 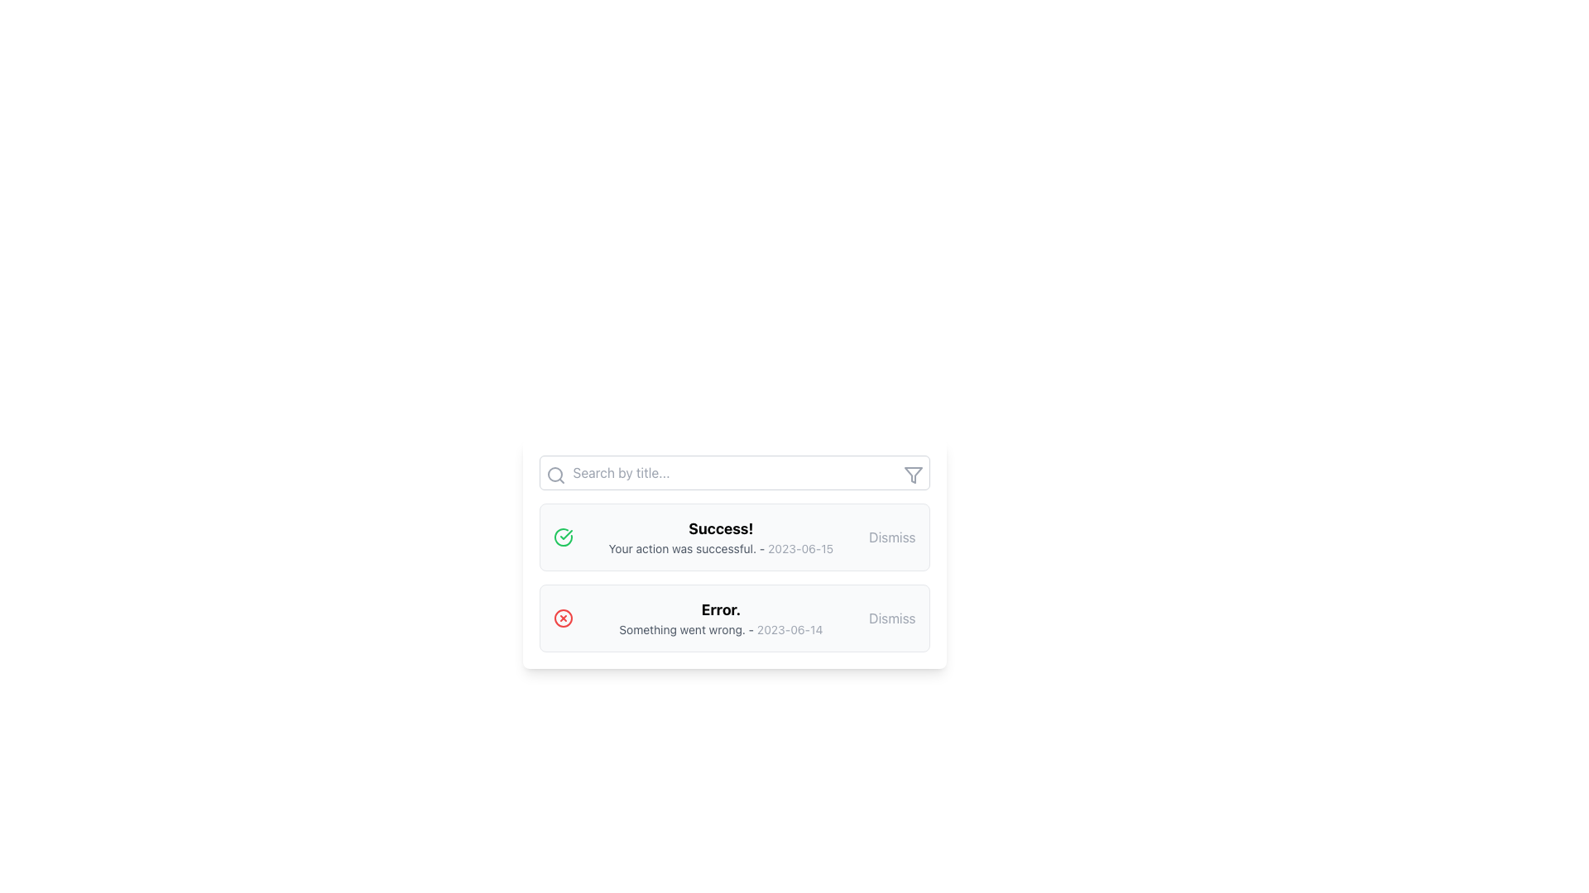 I want to click on the filter icon button located at the rightmost edge of the search bar, so click(x=912, y=475).